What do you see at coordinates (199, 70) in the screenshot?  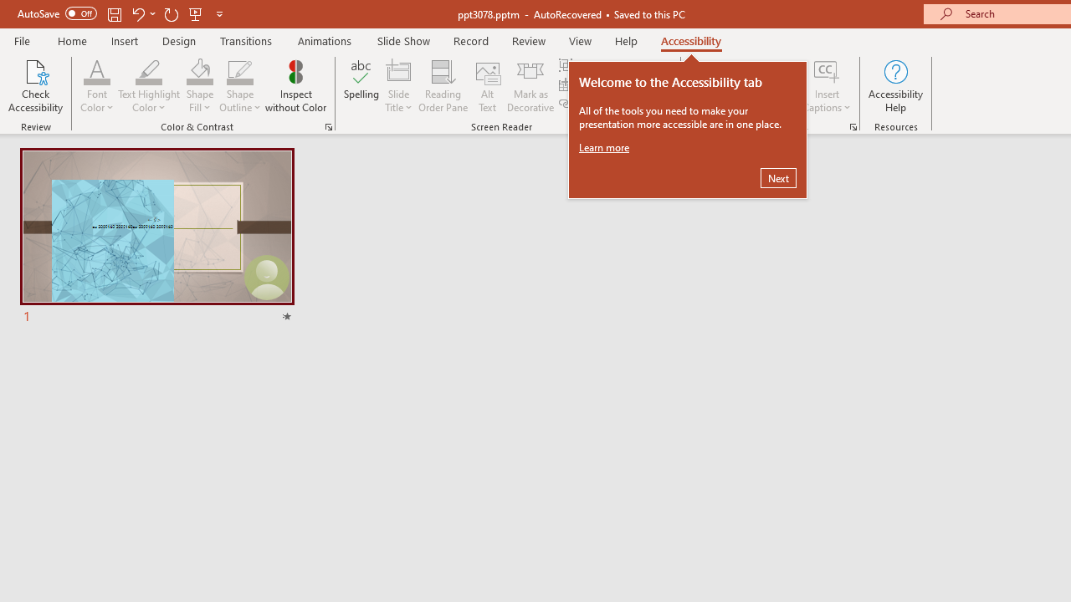 I see `'Shape Fill'` at bounding box center [199, 70].